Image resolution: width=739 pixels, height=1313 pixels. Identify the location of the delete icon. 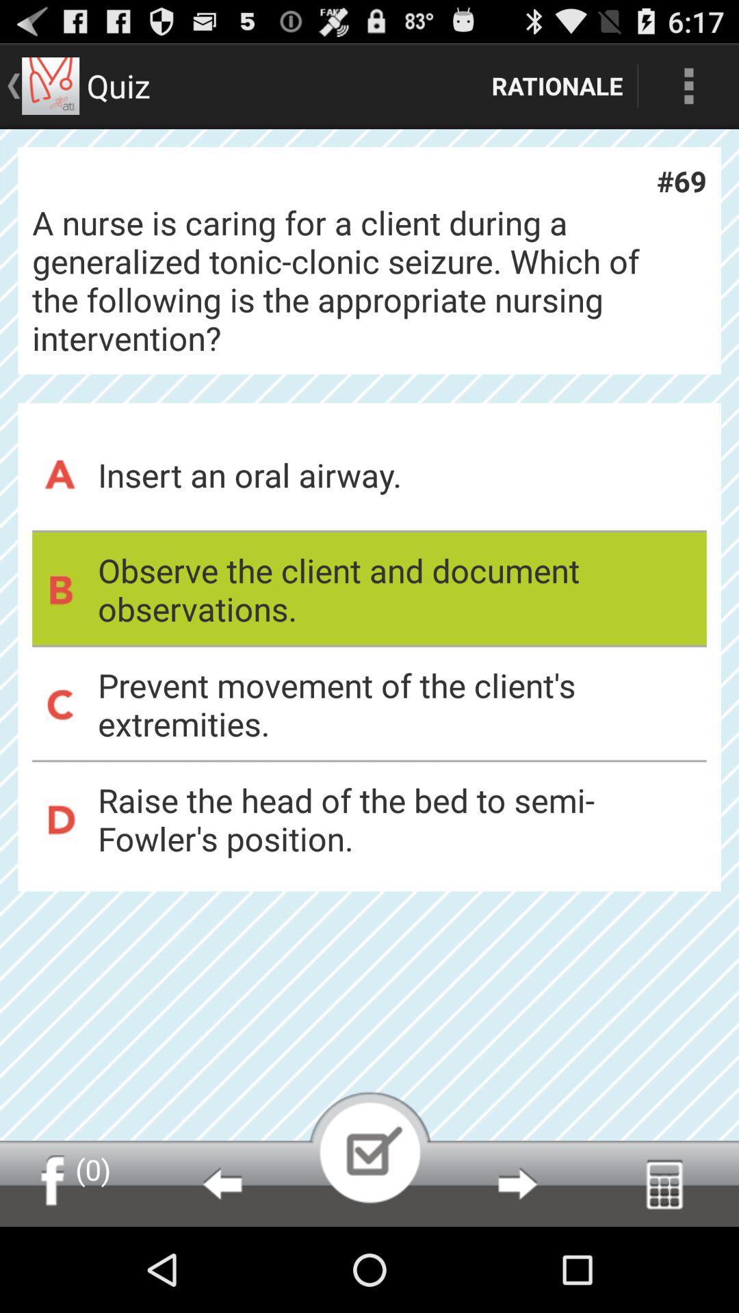
(664, 1266).